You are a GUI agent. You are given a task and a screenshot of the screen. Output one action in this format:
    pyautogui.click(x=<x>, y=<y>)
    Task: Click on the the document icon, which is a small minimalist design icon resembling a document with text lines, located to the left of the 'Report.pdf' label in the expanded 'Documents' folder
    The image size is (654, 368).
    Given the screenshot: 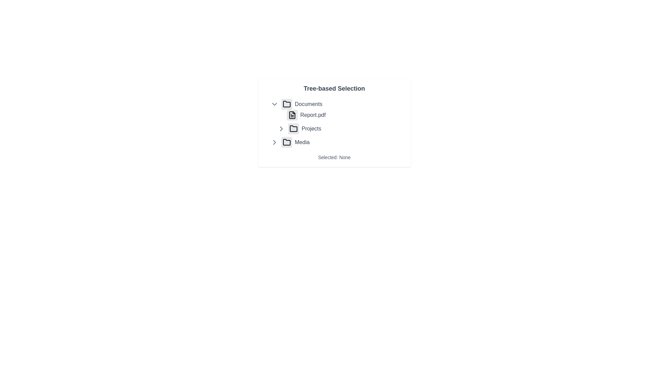 What is the action you would take?
    pyautogui.click(x=292, y=115)
    